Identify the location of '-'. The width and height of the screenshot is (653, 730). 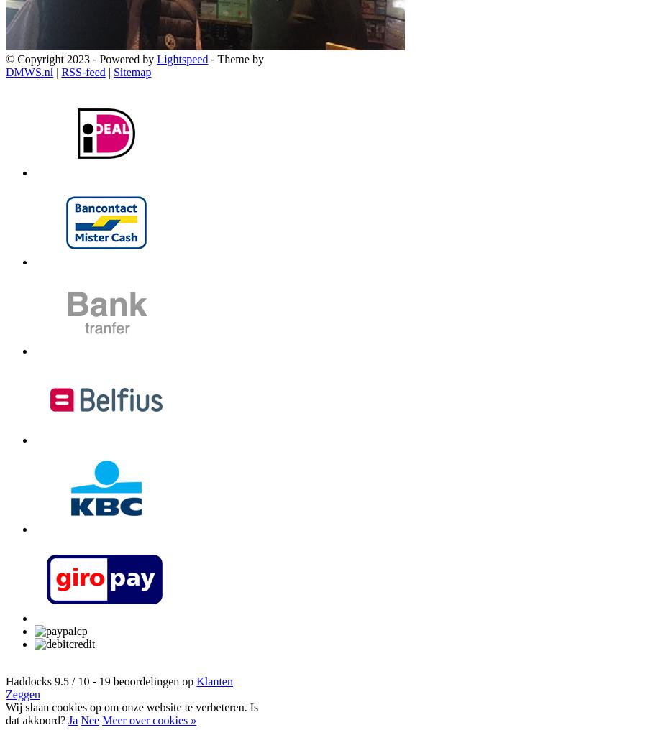
(93, 680).